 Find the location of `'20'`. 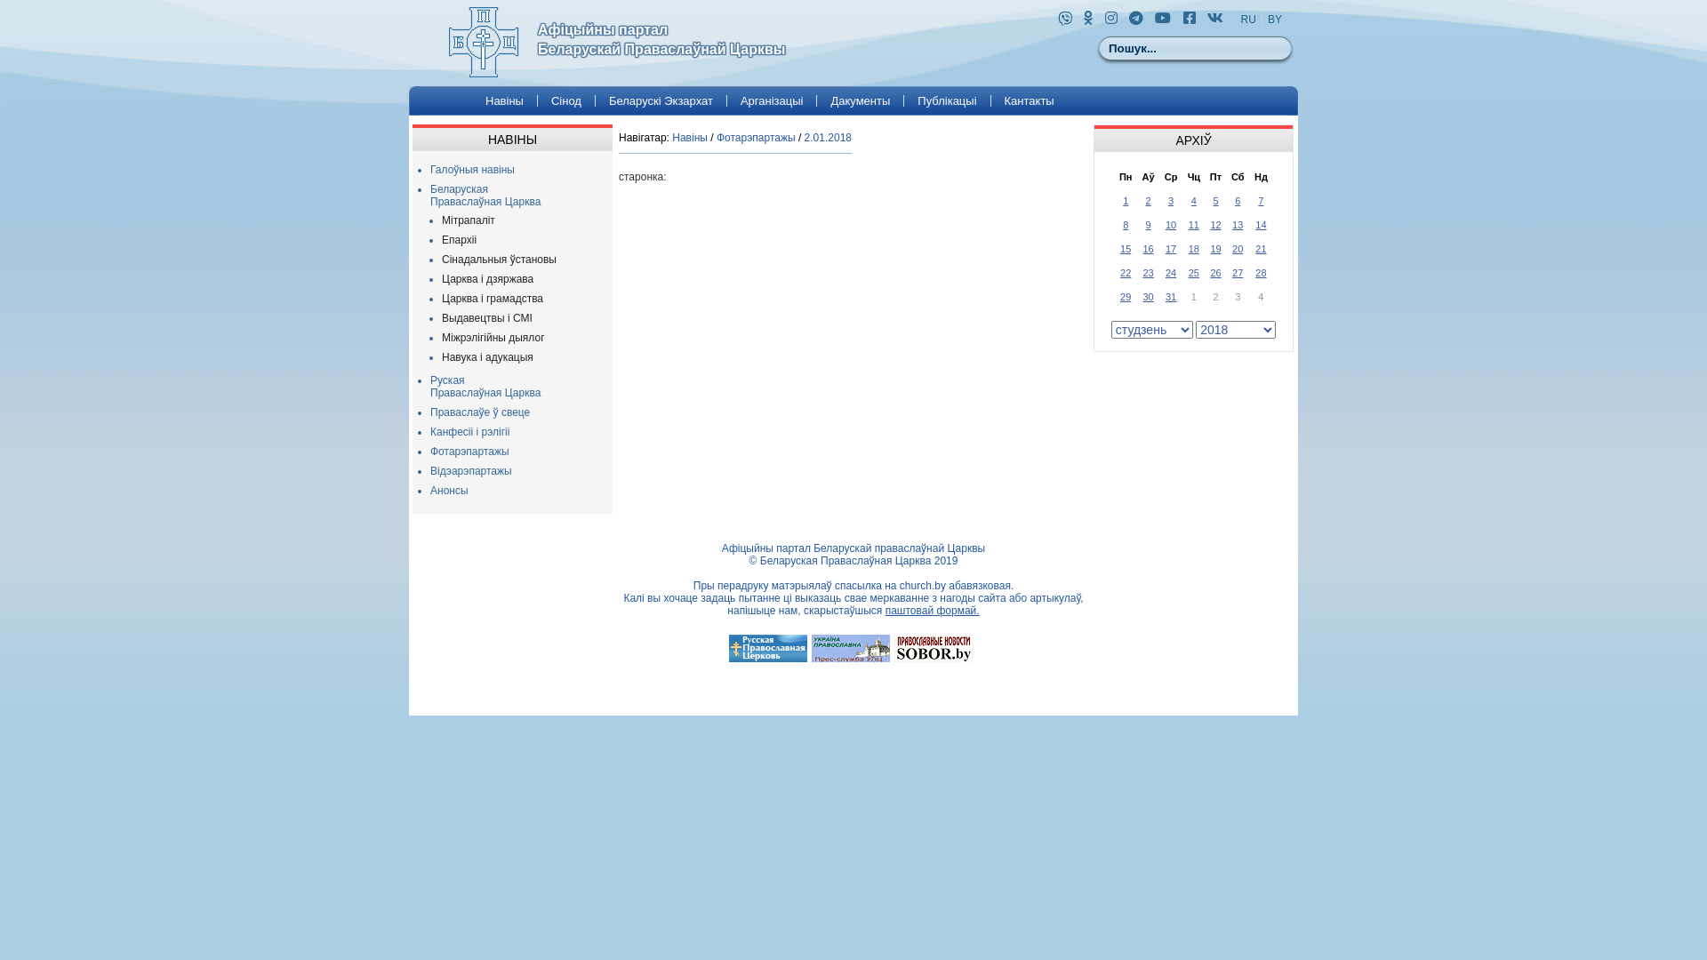

'20' is located at coordinates (1231, 249).